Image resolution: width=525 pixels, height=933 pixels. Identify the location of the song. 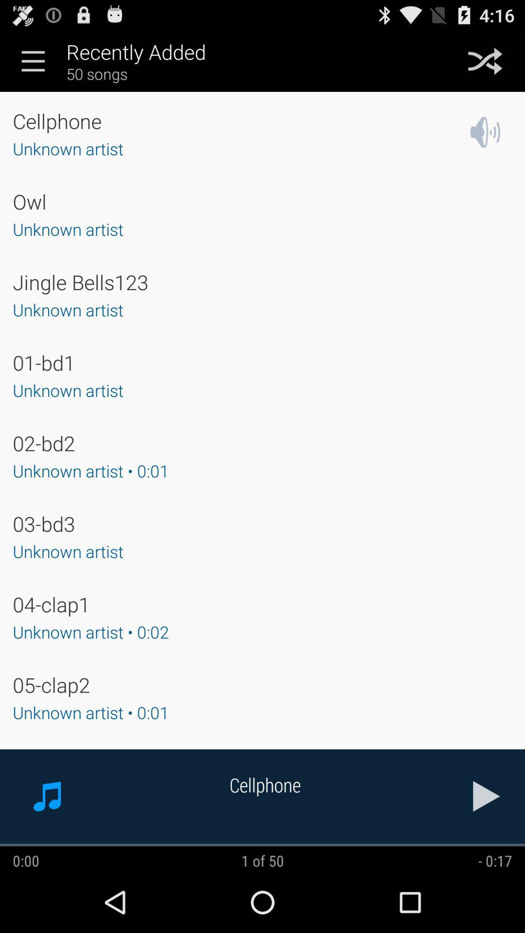
(487, 796).